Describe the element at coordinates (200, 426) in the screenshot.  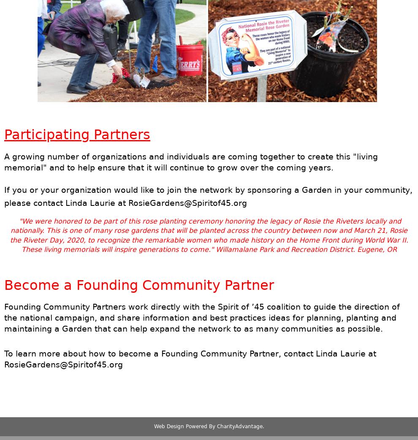
I see `'Powered By'` at that location.